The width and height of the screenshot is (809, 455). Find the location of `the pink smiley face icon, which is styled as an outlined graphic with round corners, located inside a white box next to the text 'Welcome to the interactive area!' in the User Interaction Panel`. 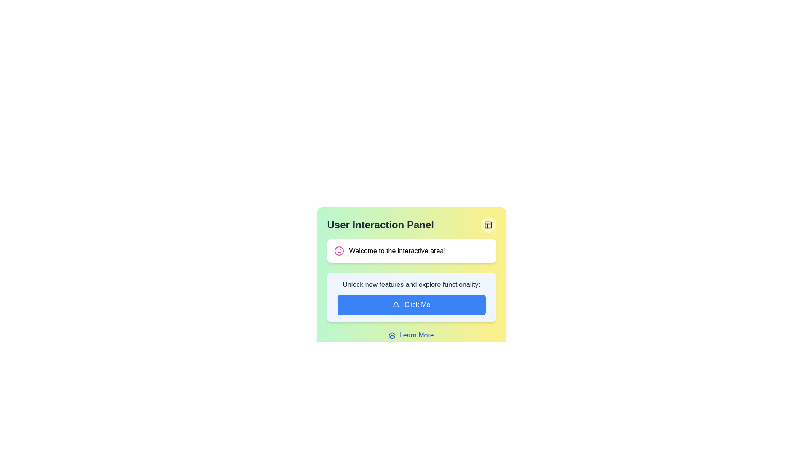

the pink smiley face icon, which is styled as an outlined graphic with round corners, located inside a white box next to the text 'Welcome to the interactive area!' in the User Interaction Panel is located at coordinates (339, 251).